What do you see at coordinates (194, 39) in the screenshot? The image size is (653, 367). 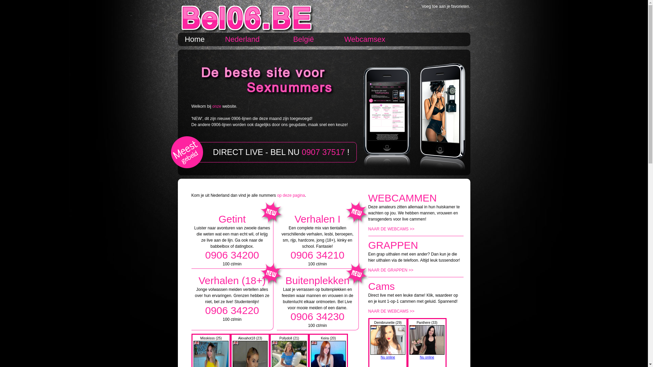 I see `'Home'` at bounding box center [194, 39].